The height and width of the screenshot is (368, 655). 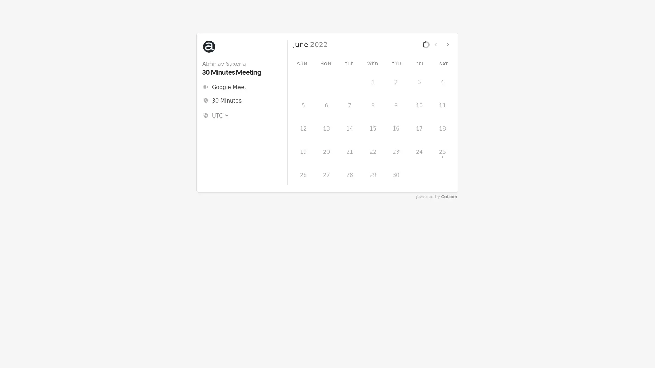 I want to click on 24, so click(x=419, y=151).